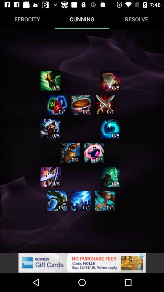 Image resolution: width=164 pixels, height=292 pixels. What do you see at coordinates (105, 200) in the screenshot?
I see `the app option` at bounding box center [105, 200].